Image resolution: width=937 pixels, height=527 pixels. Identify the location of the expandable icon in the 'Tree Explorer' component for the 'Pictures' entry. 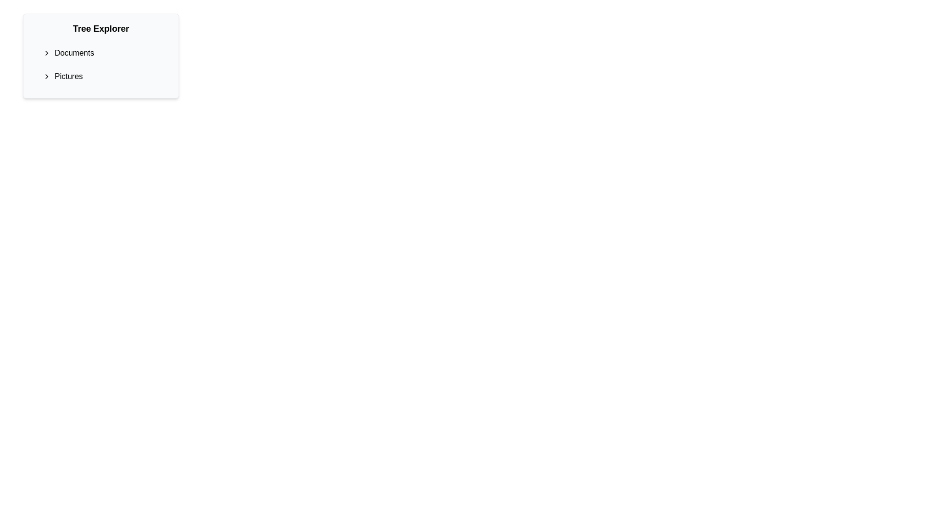
(48, 76).